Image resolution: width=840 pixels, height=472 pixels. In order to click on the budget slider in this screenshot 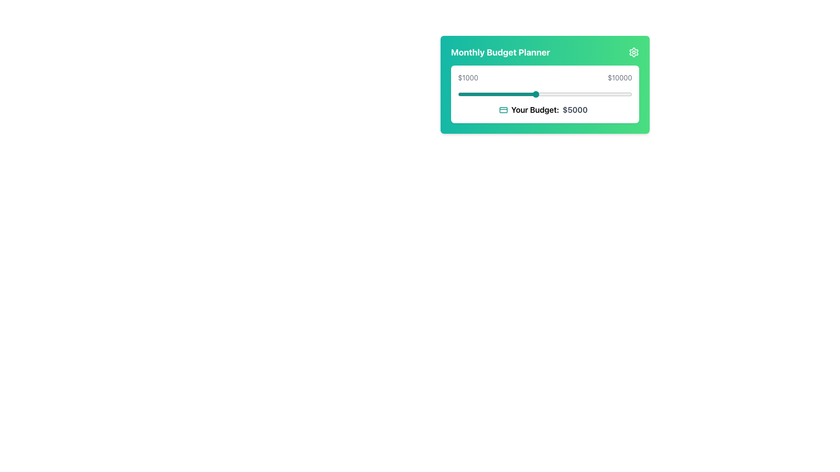, I will do `click(593, 94)`.